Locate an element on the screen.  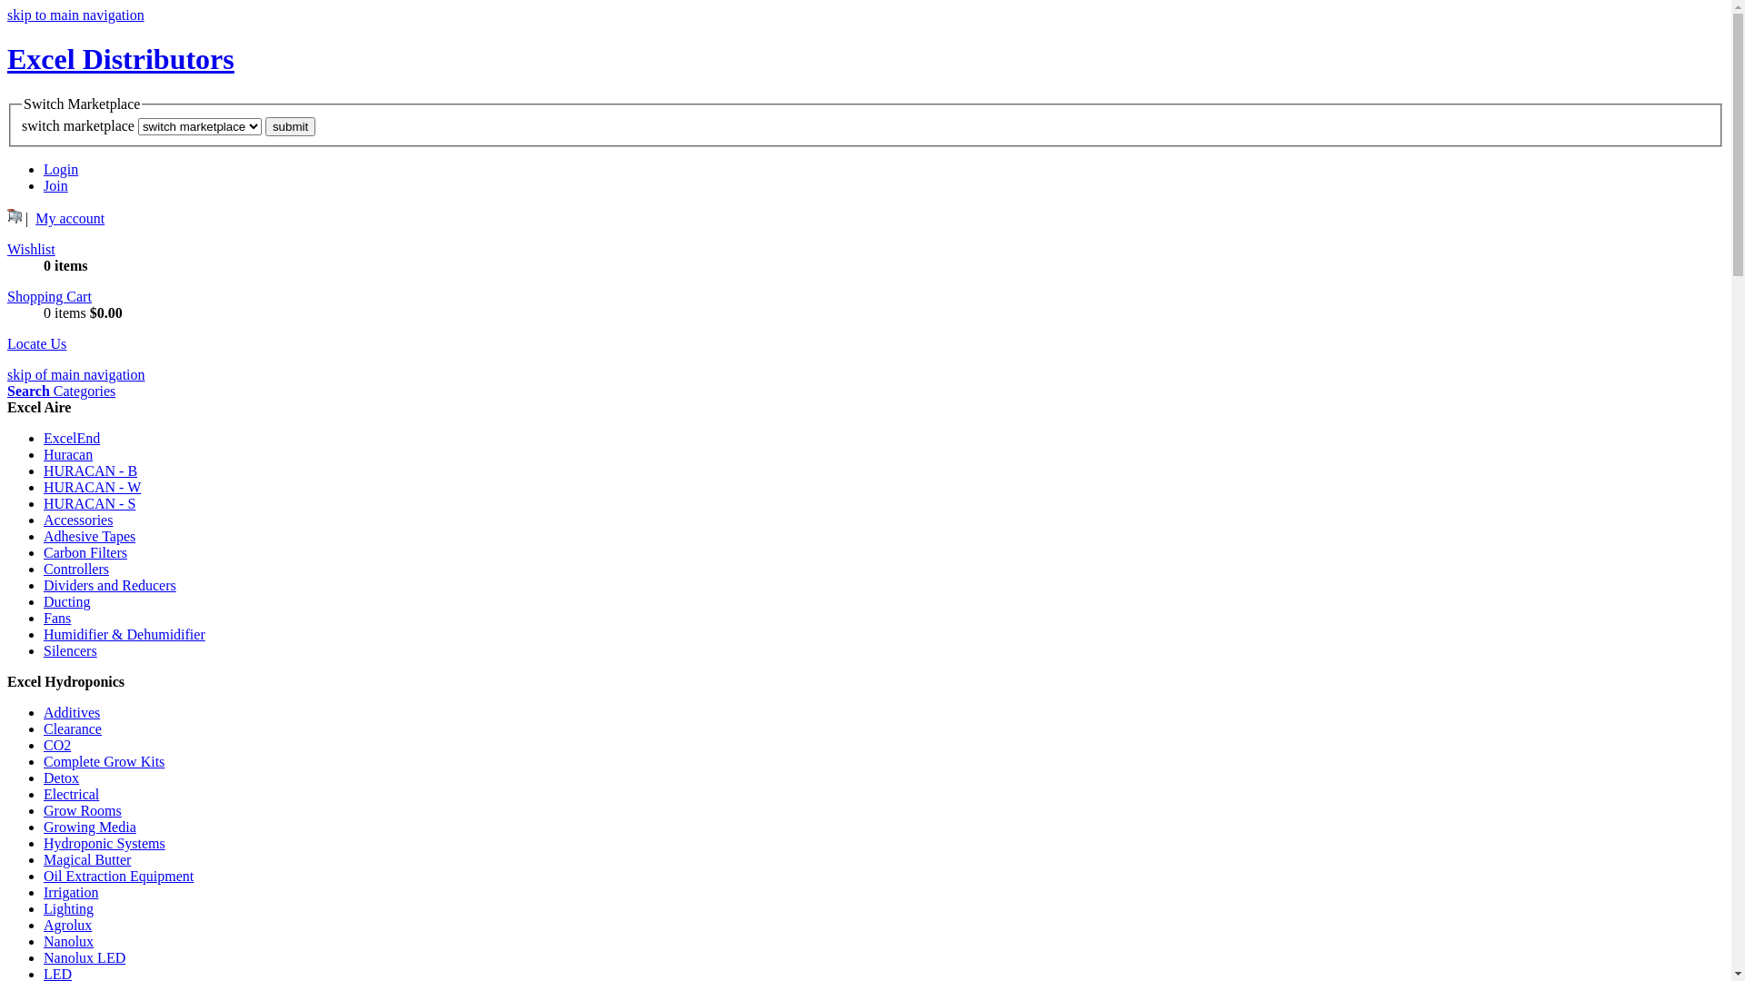
'Join' is located at coordinates (44, 185).